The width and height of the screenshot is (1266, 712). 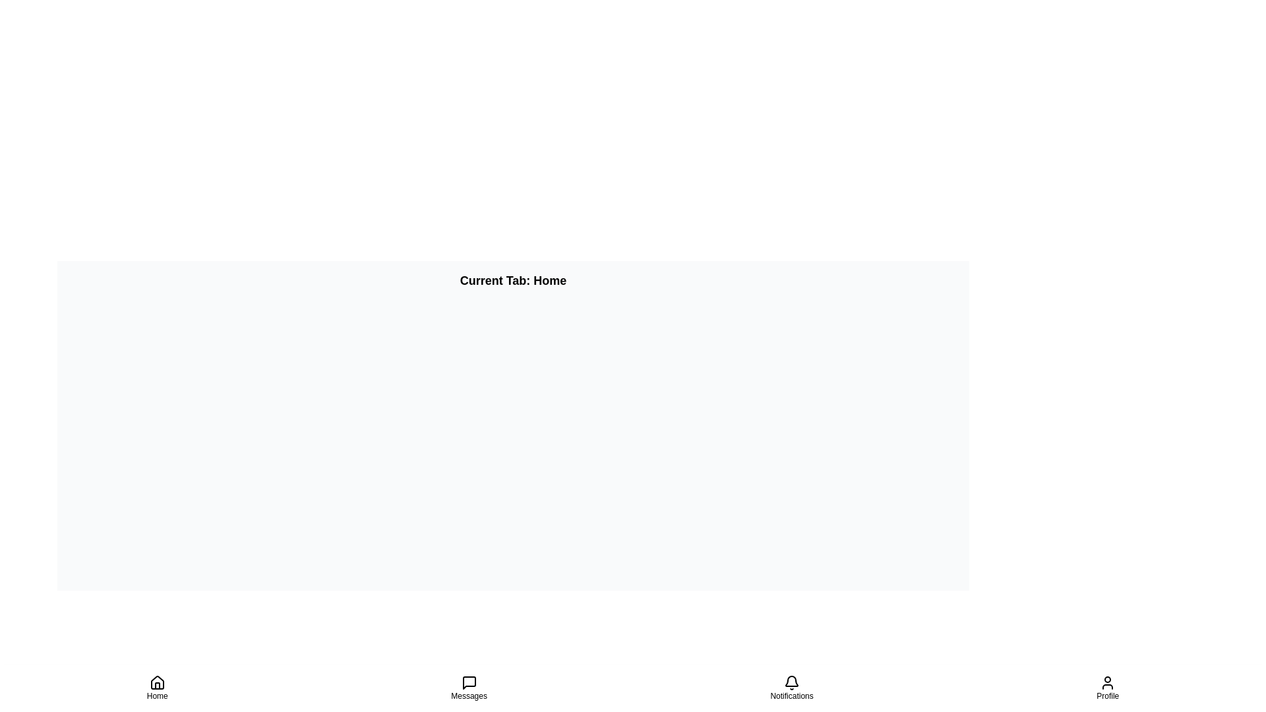 What do you see at coordinates (469, 696) in the screenshot?
I see `'Messages' text label located in the bottom navigation bar, centered below the message icon` at bounding box center [469, 696].